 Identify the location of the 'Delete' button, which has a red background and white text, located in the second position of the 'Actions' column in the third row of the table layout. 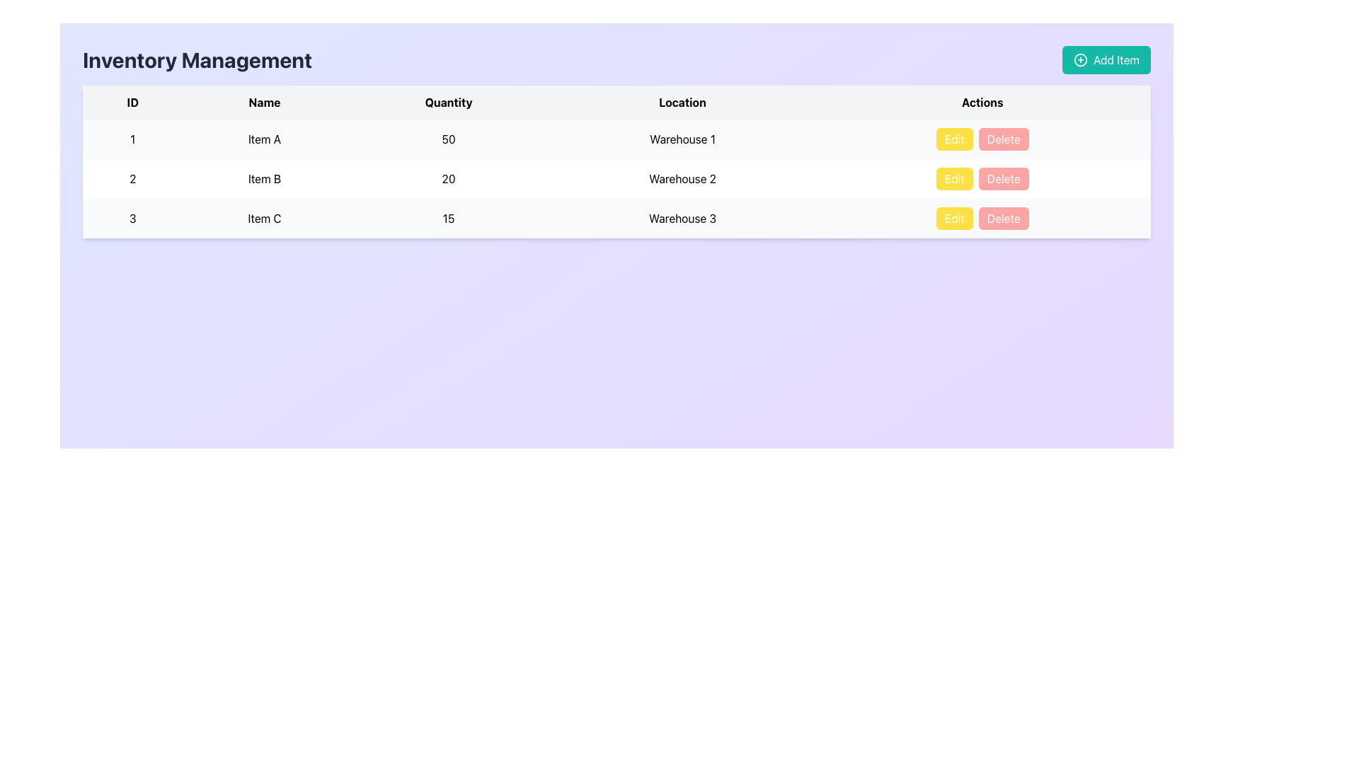
(1002, 218).